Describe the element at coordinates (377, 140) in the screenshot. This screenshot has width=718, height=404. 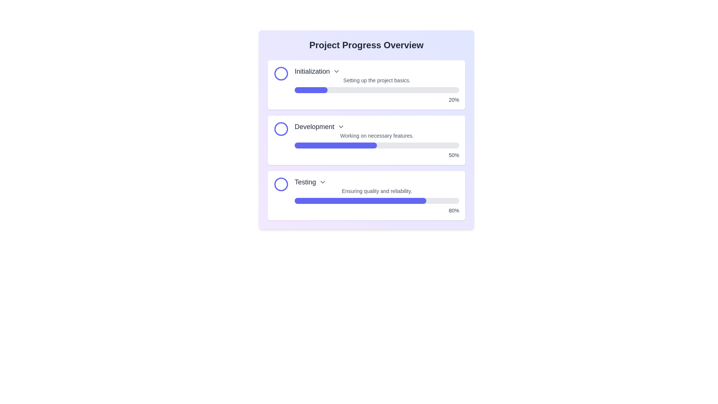
I see `the Progress tracker component displaying the current progress of 'Development' with a percentage value of '50%' and a description of 'Working on necessary features.'` at that location.